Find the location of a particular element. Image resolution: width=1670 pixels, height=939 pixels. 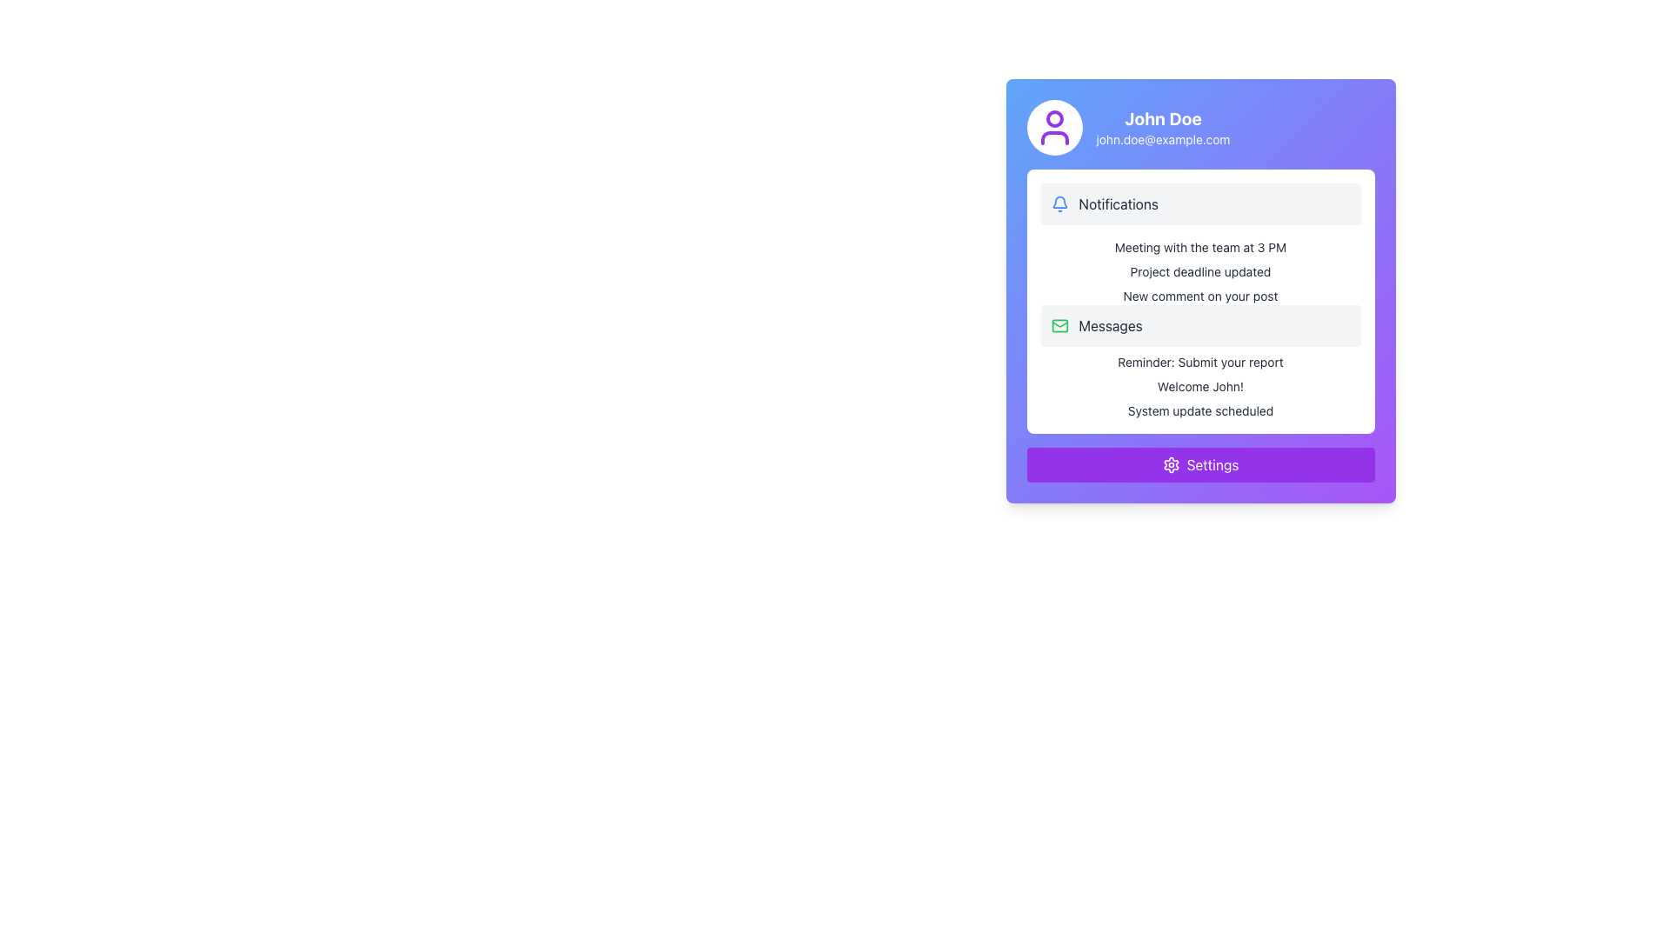

the 'Notifications' section in the interactive list item is located at coordinates (1199, 203).